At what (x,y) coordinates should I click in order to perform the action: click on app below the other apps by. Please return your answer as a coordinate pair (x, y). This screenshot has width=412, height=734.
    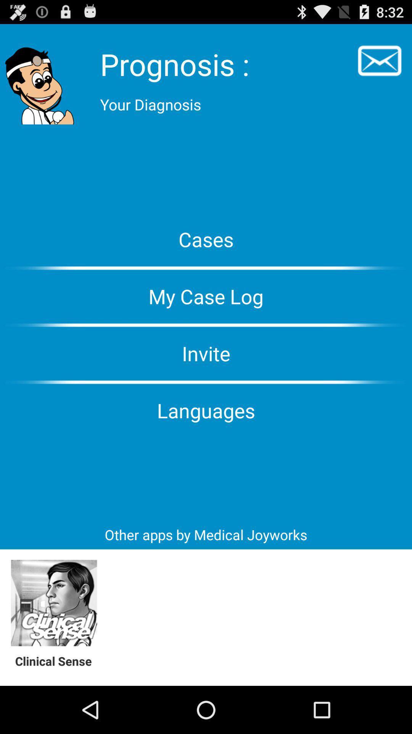
    Looking at the image, I should click on (53, 603).